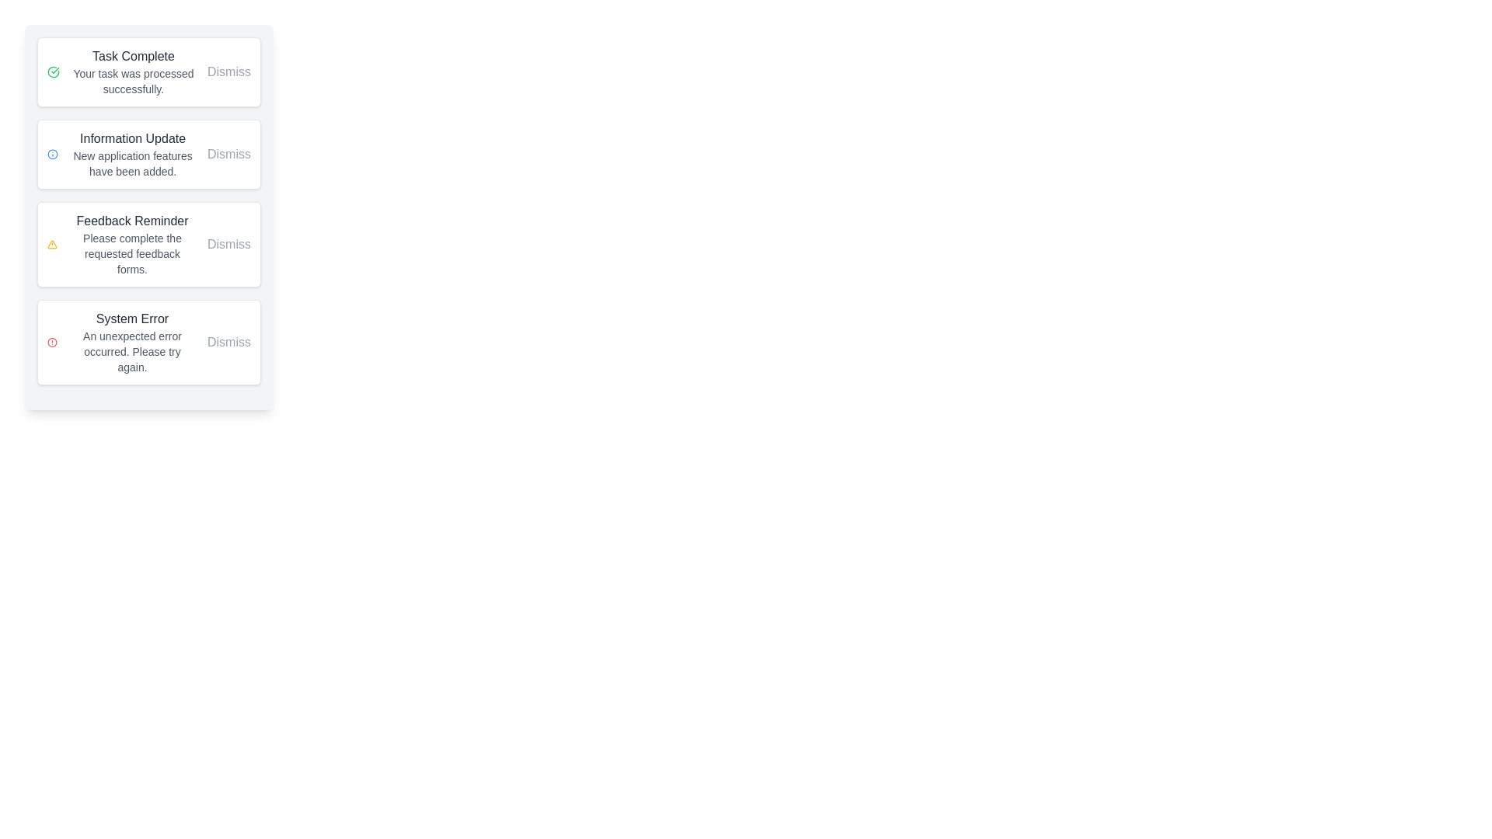 Image resolution: width=1492 pixels, height=839 pixels. Describe the element at coordinates (53, 155) in the screenshot. I see `the circular blue stroke icon with a white circle in the center, which is positioned to the left of the 'Information Update' text` at that location.